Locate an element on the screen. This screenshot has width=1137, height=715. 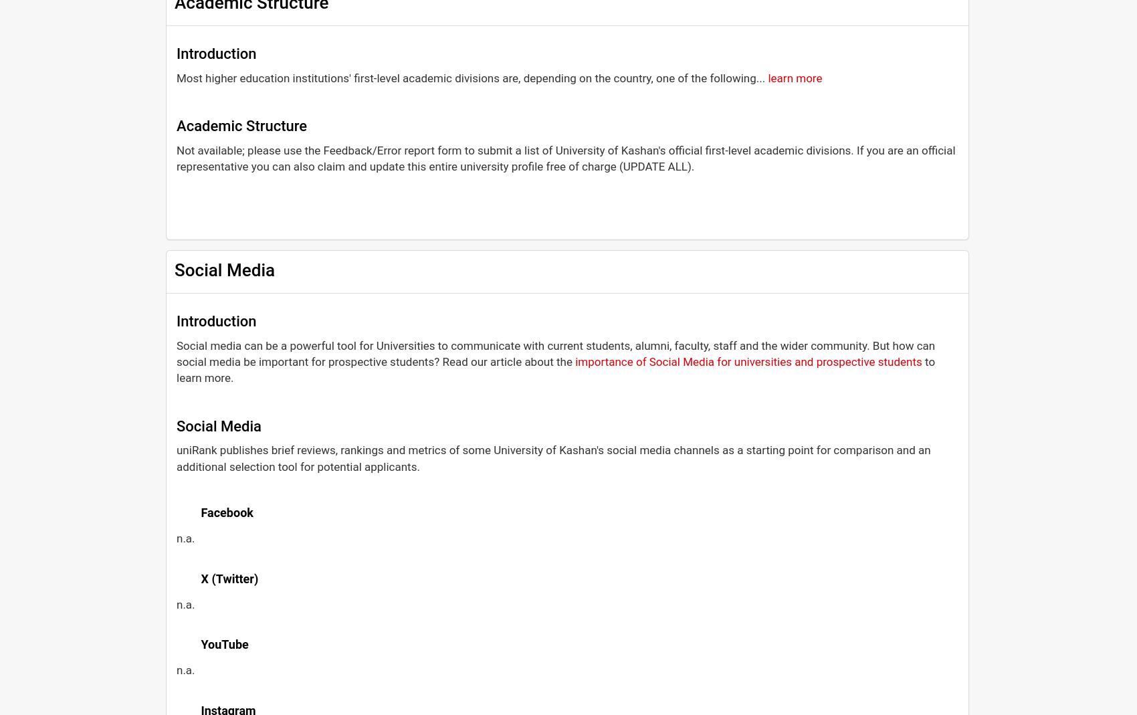
'uniRank publishes brief reviews, rankings and metrics of some University of Kashan's social media channels as a starting point for comparison and an additional selection tool for potential applicants.' is located at coordinates (552, 457).